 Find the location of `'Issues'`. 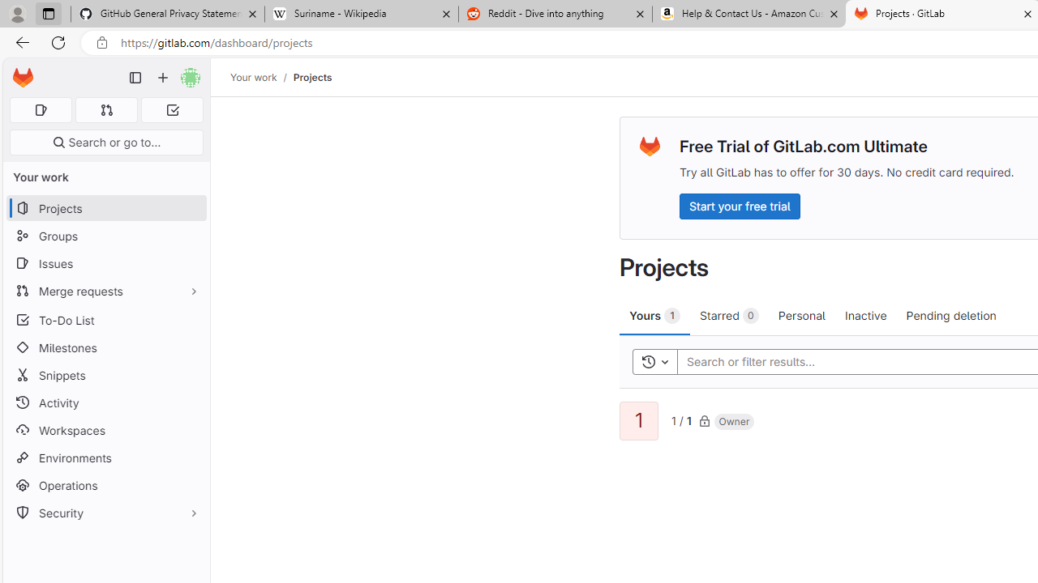

'Issues' is located at coordinates (105, 262).